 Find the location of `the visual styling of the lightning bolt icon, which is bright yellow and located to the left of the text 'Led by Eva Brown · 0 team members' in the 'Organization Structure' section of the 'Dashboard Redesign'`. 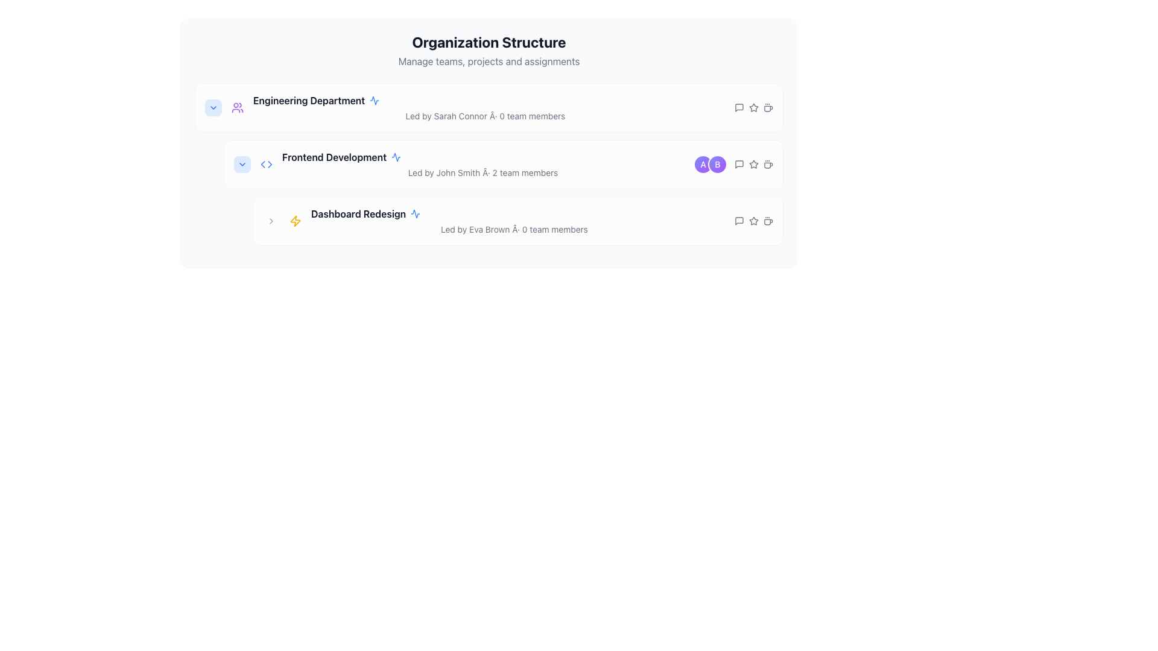

the visual styling of the lightning bolt icon, which is bright yellow and located to the left of the text 'Led by Eva Brown · 0 team members' in the 'Organization Structure' section of the 'Dashboard Redesign' is located at coordinates (295, 221).